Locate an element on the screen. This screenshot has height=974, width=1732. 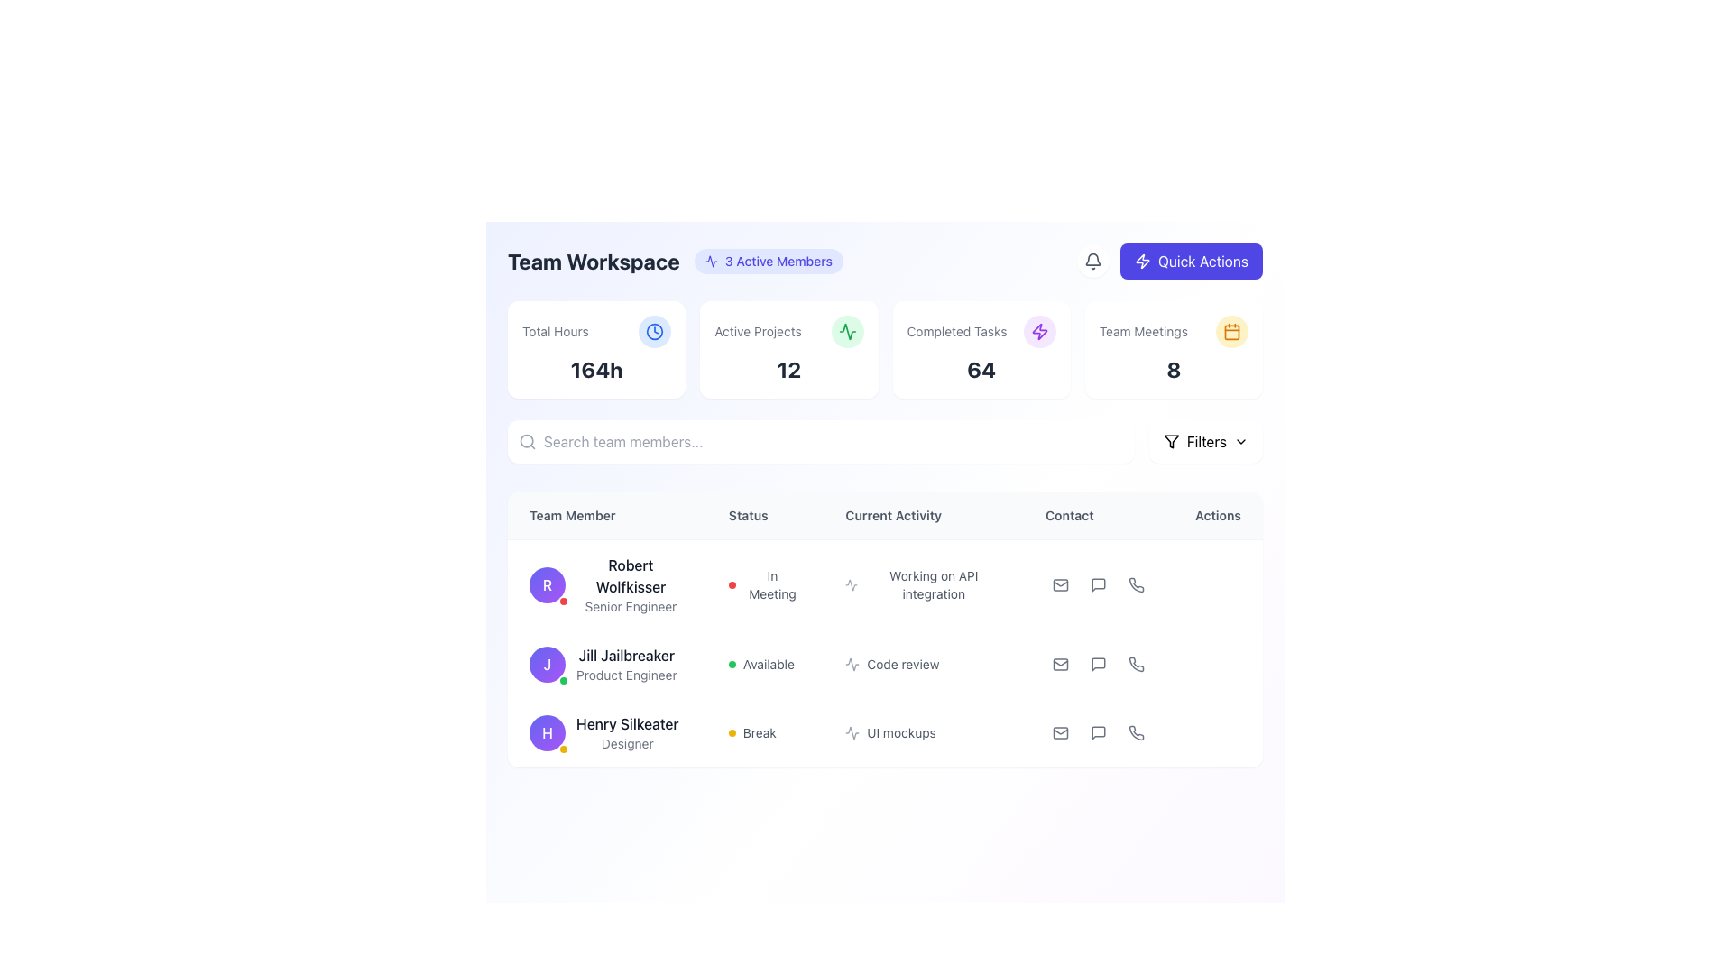
the 'Quick Actions' icon located in the top-right corner of the interface is located at coordinates (1039, 331).